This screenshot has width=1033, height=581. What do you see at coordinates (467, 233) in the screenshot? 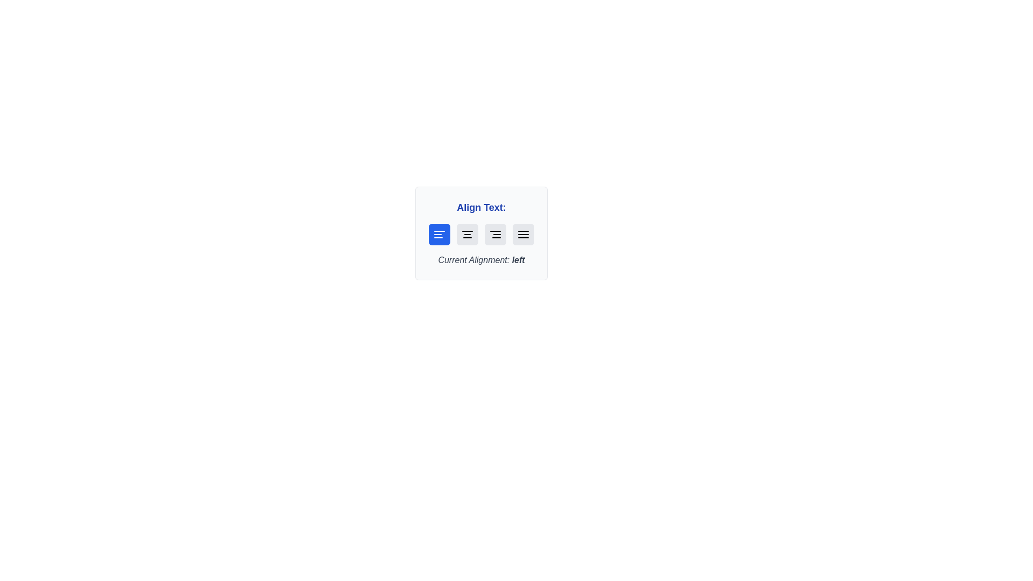
I see `button corresponding to the desired text alignment: center` at bounding box center [467, 233].